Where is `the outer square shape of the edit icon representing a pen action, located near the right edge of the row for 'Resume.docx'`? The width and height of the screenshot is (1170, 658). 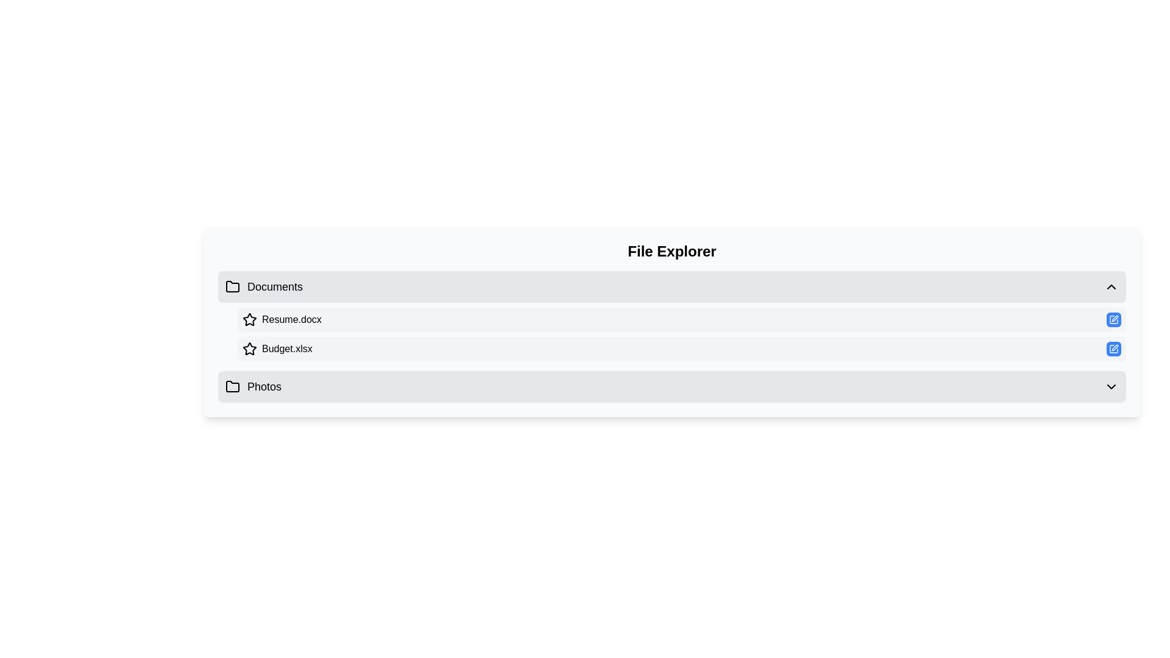
the outer square shape of the edit icon representing a pen action, located near the right edge of the row for 'Resume.docx' is located at coordinates (1114, 319).